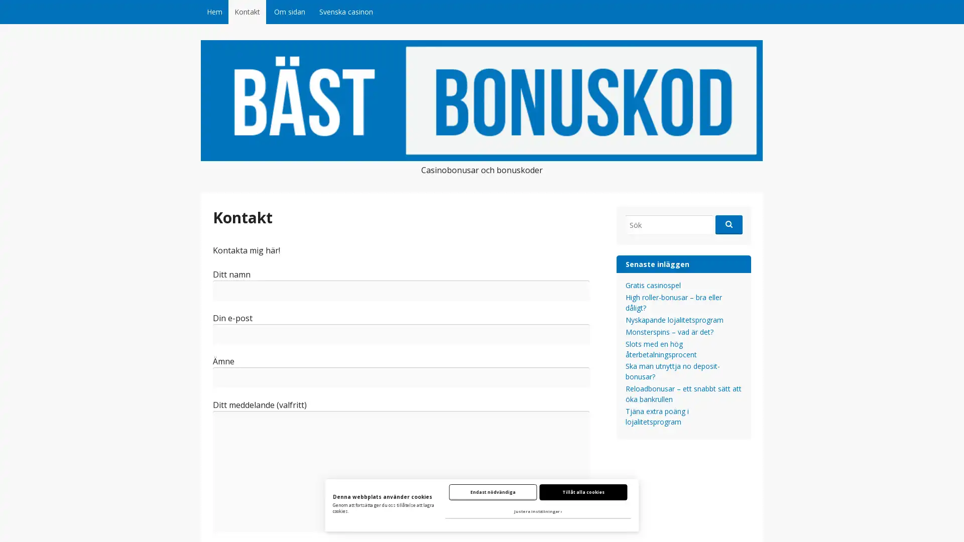 This screenshot has height=542, width=964. Describe the element at coordinates (493, 491) in the screenshot. I see `Endast nodvandiga` at that location.